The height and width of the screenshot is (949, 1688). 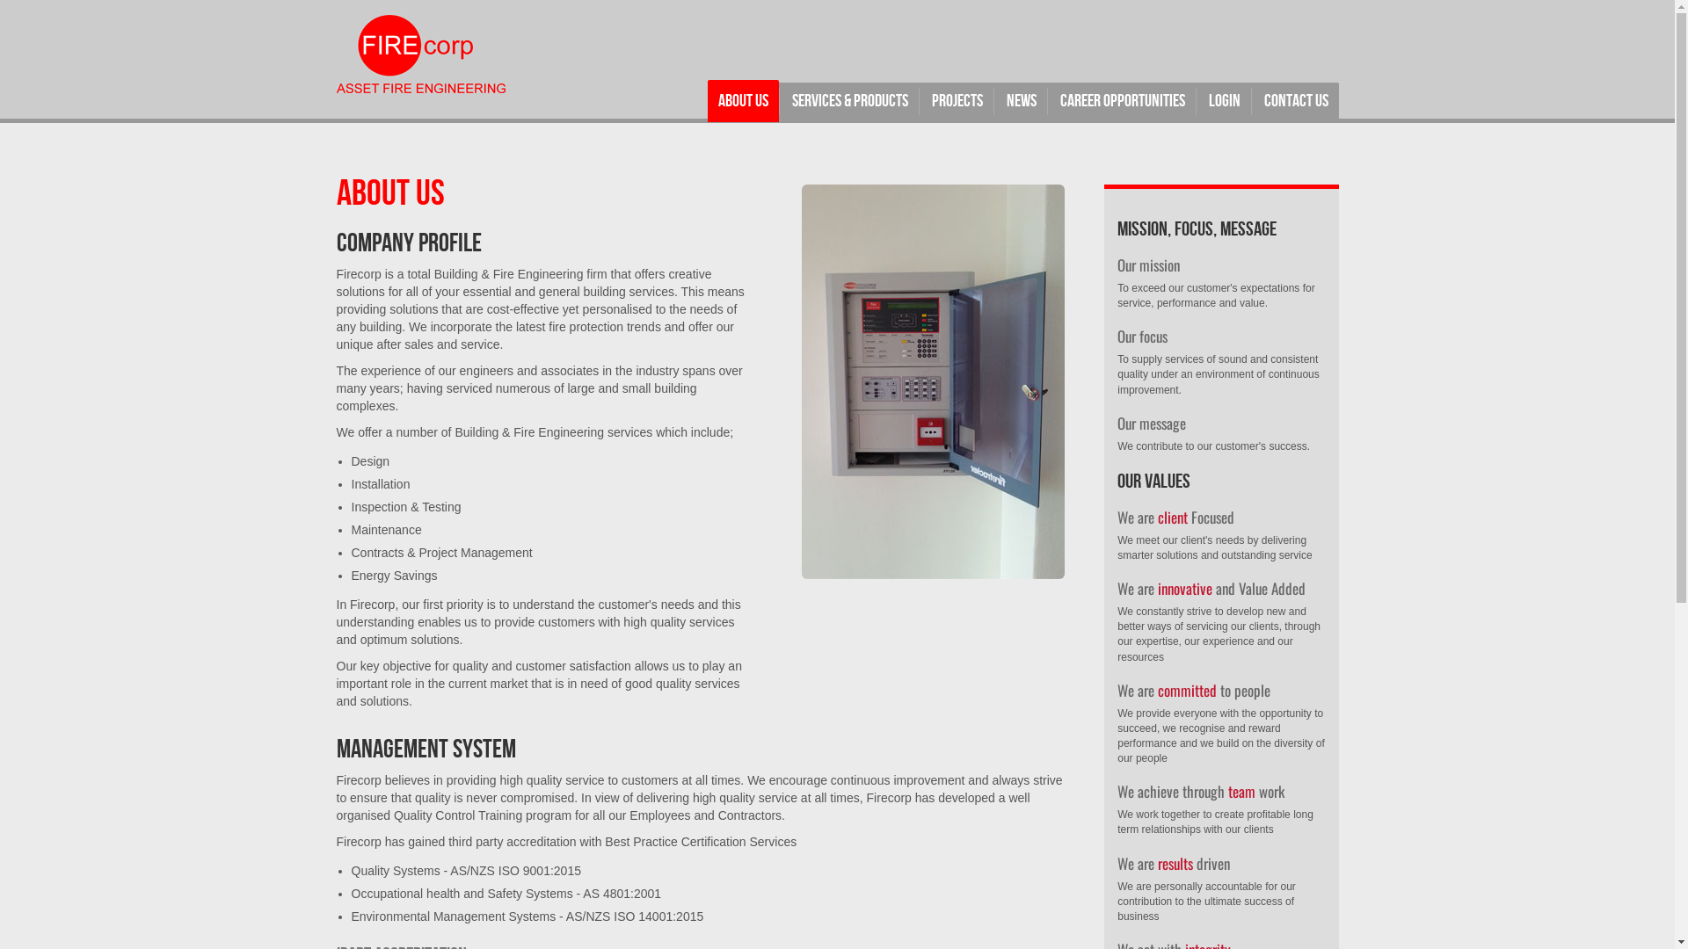 I want to click on 'LOGIN', so click(x=1197, y=101).